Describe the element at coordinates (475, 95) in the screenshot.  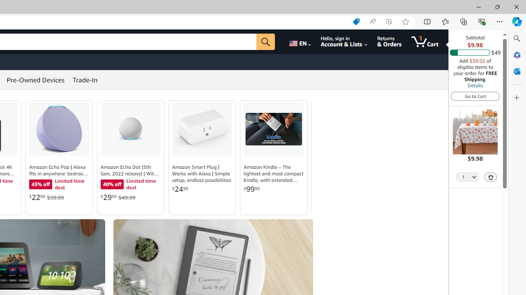
I see `'Go to Cart'` at that location.